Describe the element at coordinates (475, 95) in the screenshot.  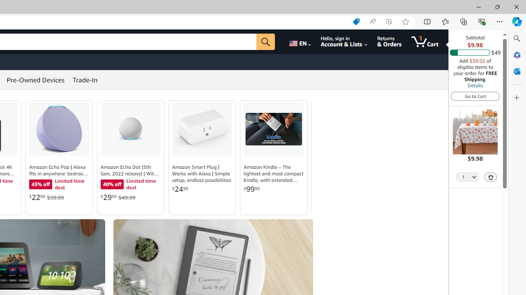
I see `'Go to Cart'` at that location.